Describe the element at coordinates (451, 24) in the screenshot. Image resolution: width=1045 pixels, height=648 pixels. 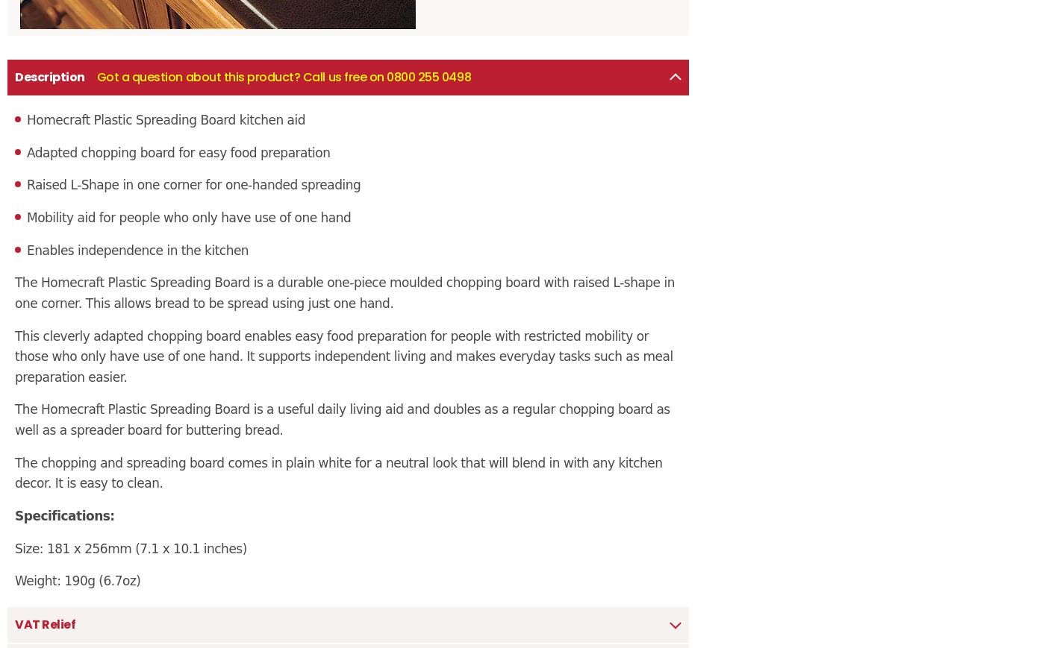
I see `'Proud members of BHTA'` at that location.